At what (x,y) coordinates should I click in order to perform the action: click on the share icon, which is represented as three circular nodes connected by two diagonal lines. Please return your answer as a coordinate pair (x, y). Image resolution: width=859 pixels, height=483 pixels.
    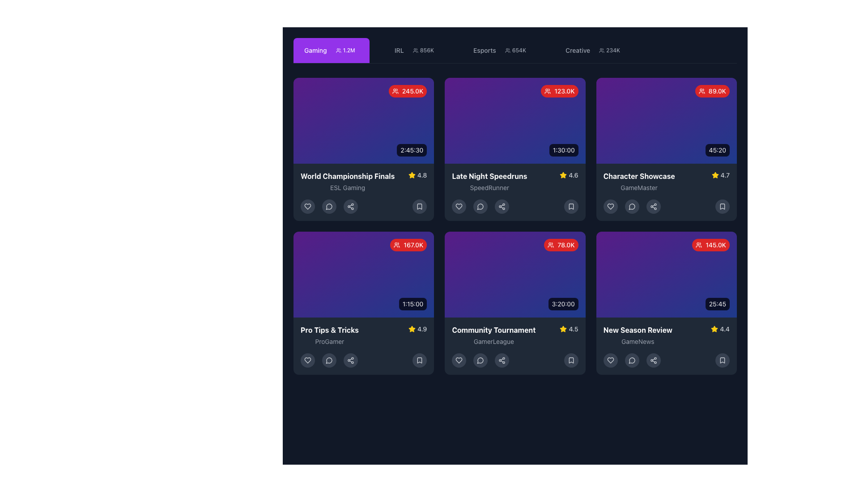
    Looking at the image, I should click on (502, 207).